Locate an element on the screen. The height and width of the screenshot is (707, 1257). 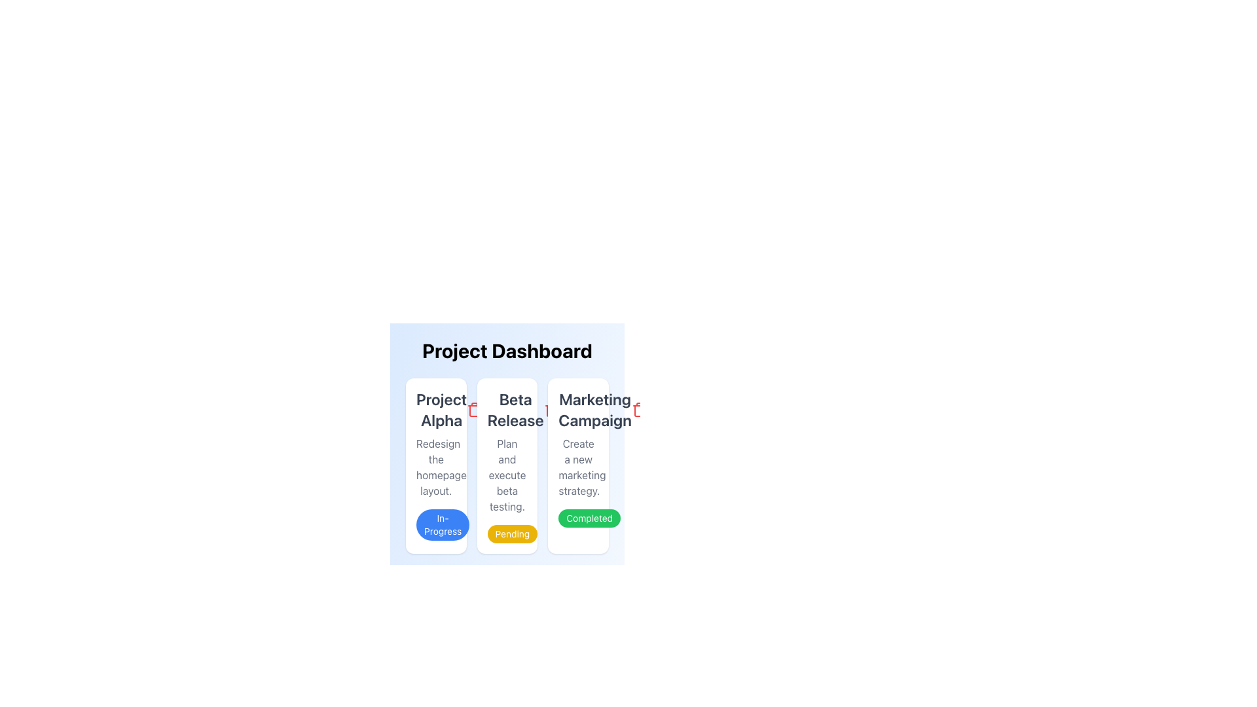
the Text heading element that serves as the header for the dashboard section, located above the project cards labeled 'Project Alpha', 'Beta Release', and 'Marketing Campaign' is located at coordinates (506, 350).